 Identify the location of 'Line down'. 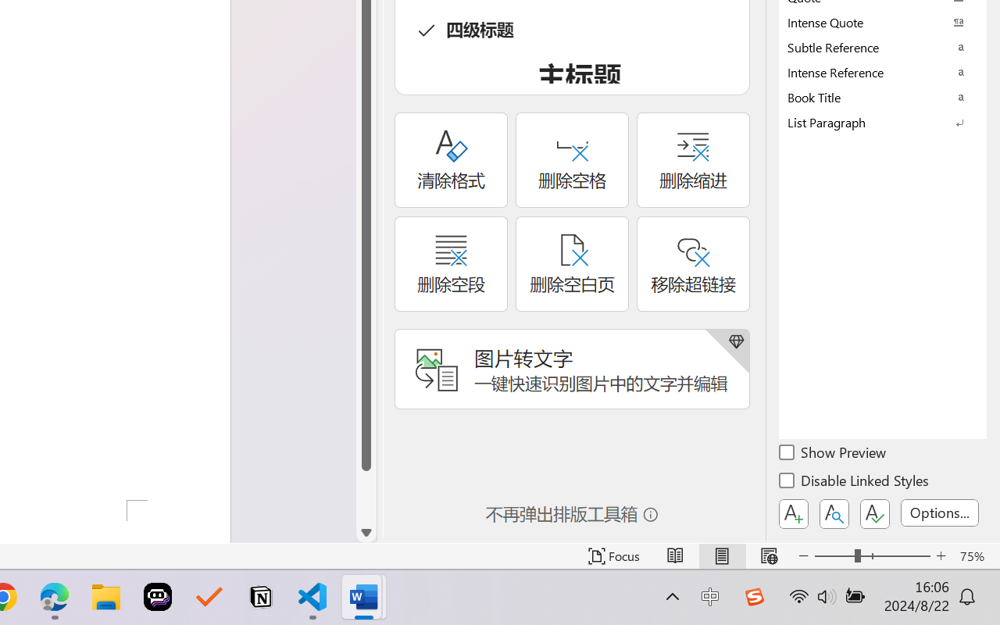
(366, 533).